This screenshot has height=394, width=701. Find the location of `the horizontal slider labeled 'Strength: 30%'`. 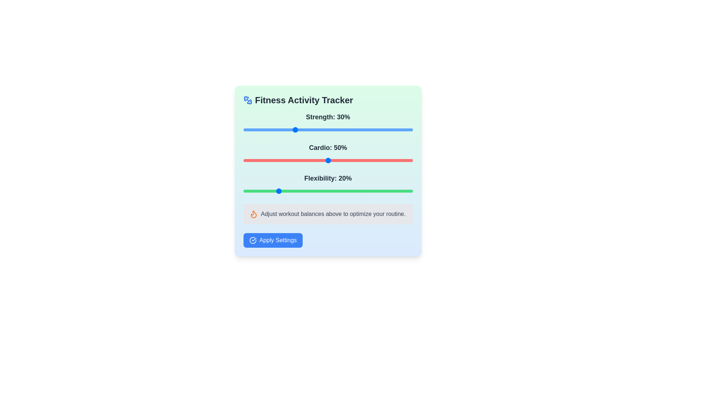

the horizontal slider labeled 'Strength: 30%' is located at coordinates (327, 129).